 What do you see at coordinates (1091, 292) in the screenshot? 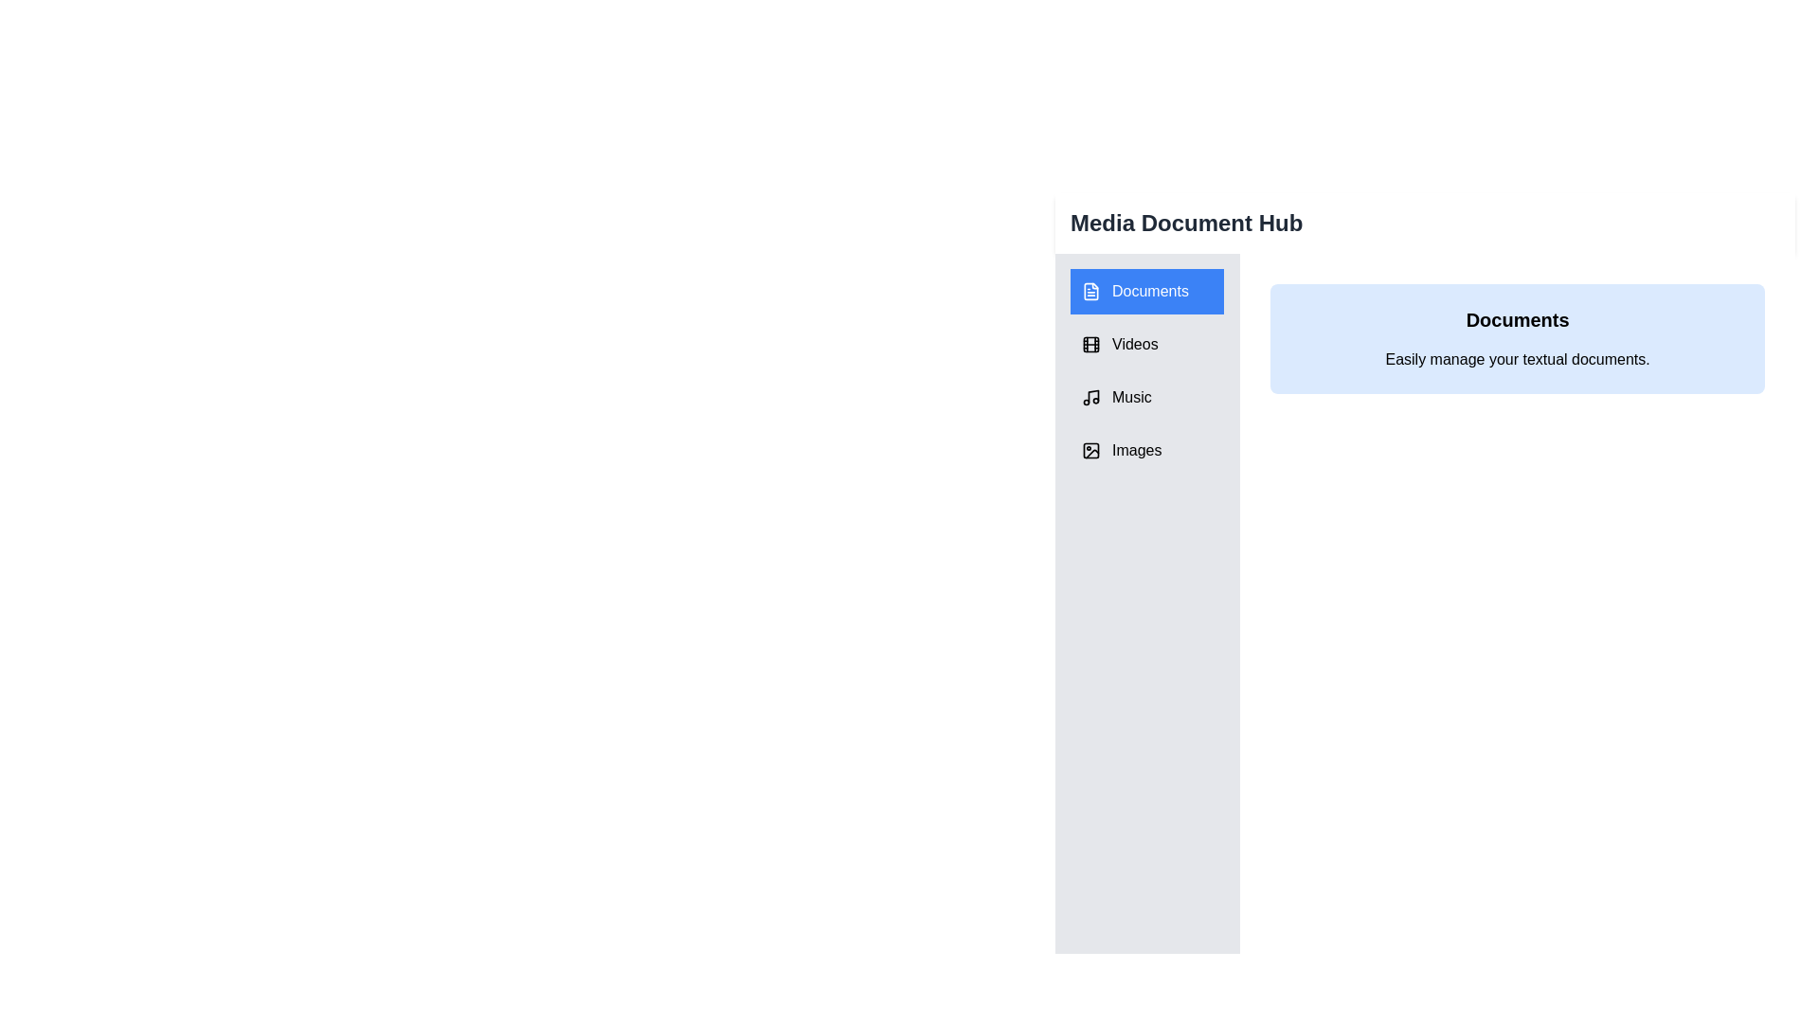
I see `the icon associated with the tab Documents` at bounding box center [1091, 292].